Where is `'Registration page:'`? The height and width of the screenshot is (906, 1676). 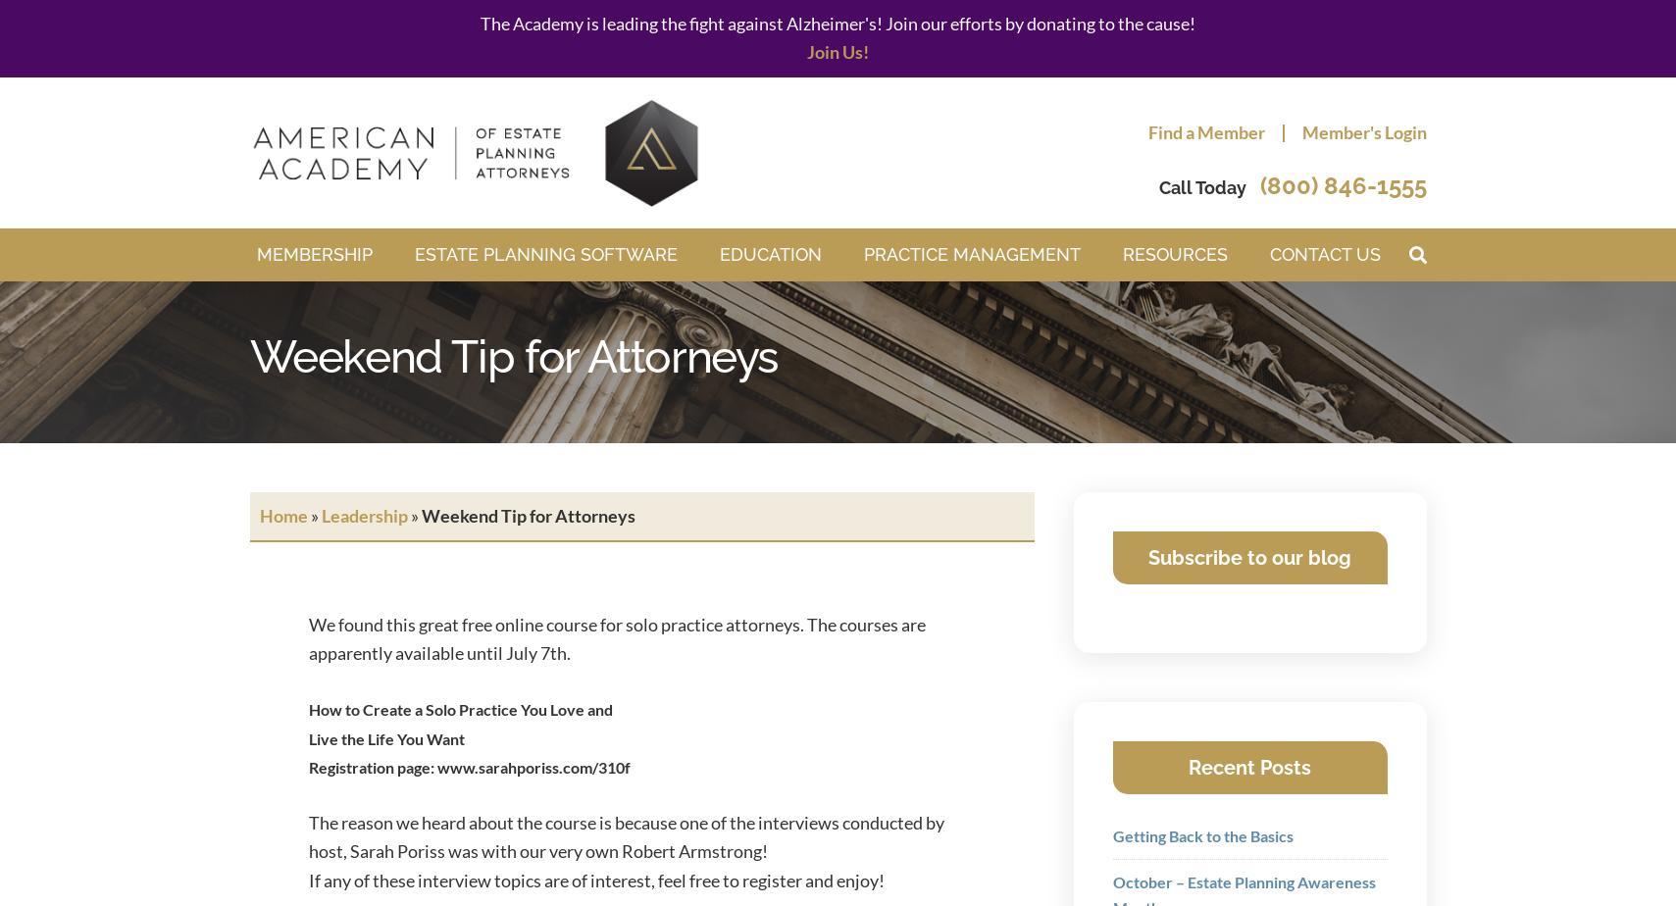 'Registration page:' is located at coordinates (306, 766).